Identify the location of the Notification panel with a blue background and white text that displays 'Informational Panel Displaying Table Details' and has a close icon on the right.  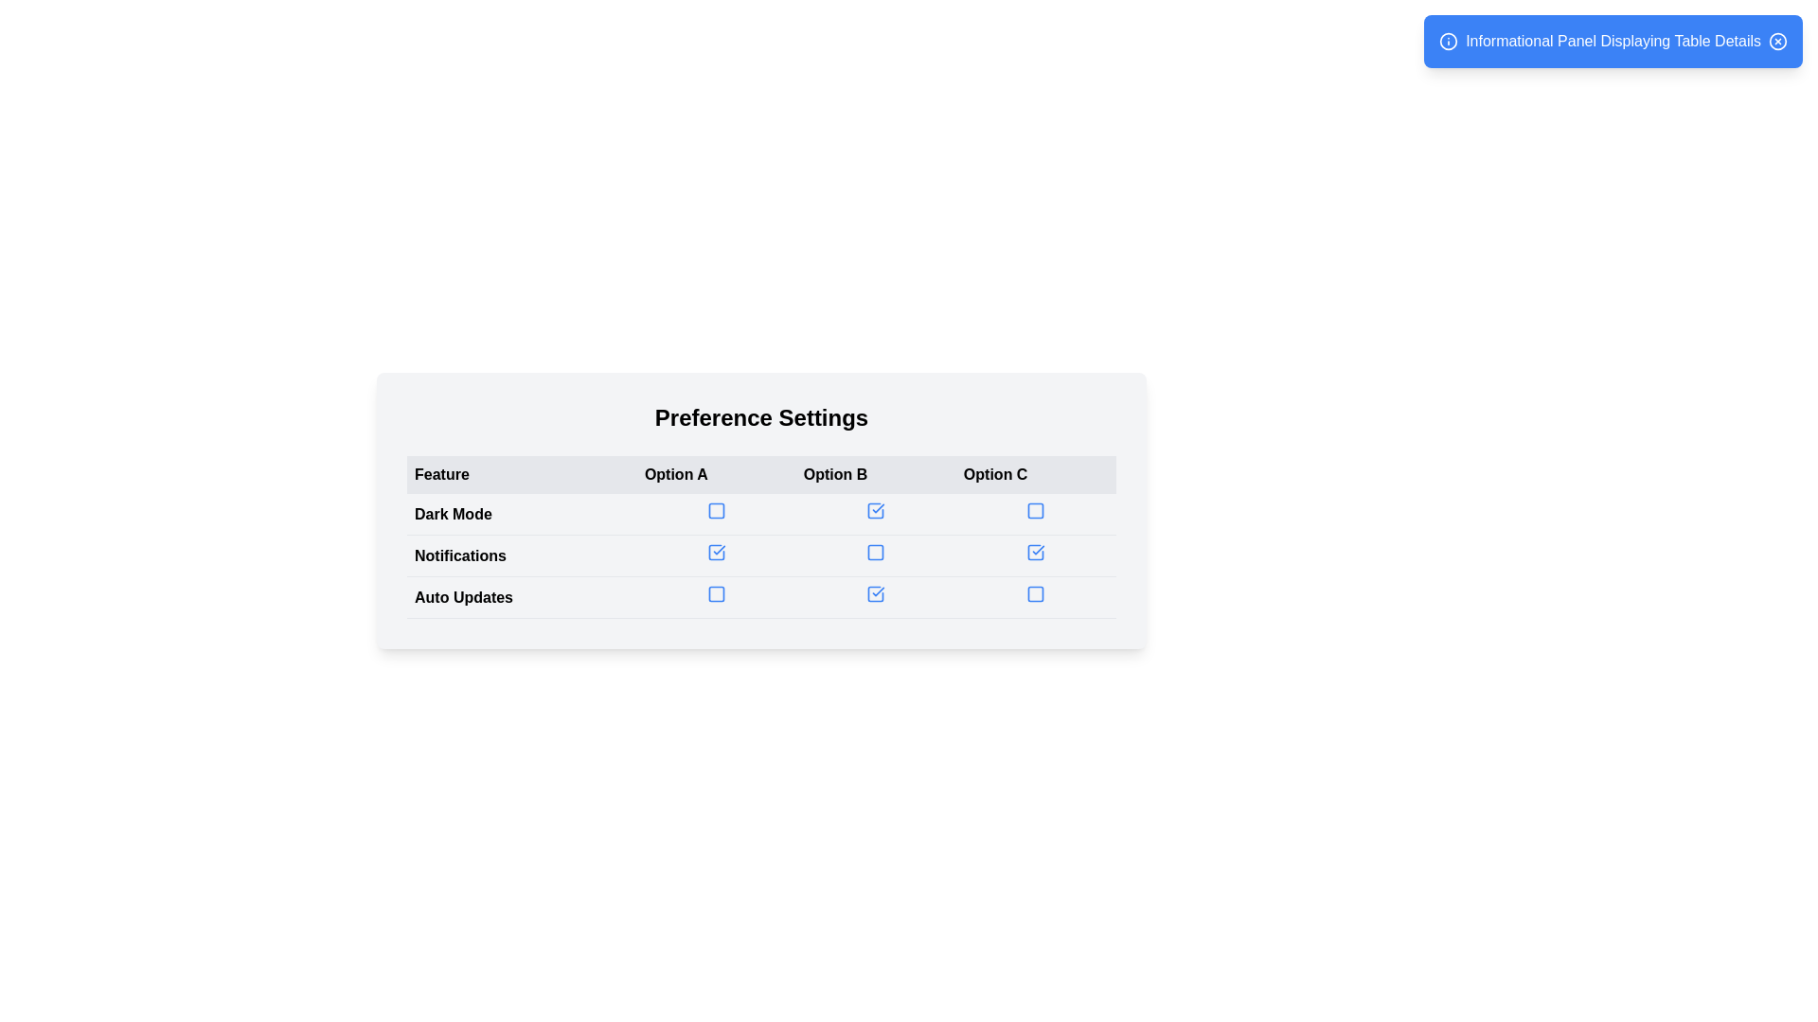
(1613, 41).